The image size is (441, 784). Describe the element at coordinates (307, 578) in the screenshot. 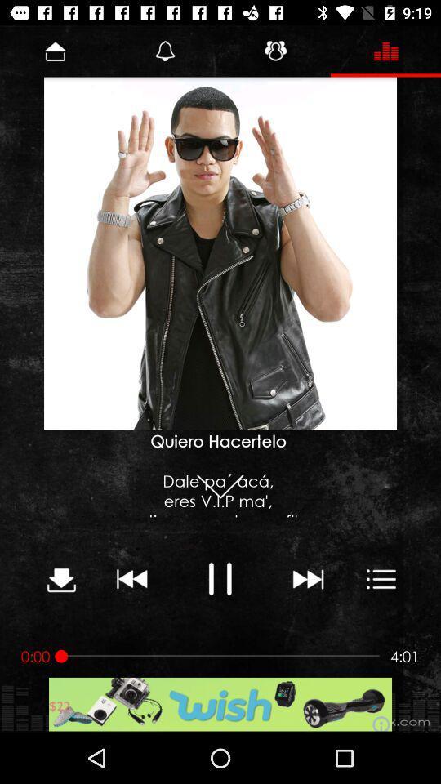

I see `the skip_next icon` at that location.